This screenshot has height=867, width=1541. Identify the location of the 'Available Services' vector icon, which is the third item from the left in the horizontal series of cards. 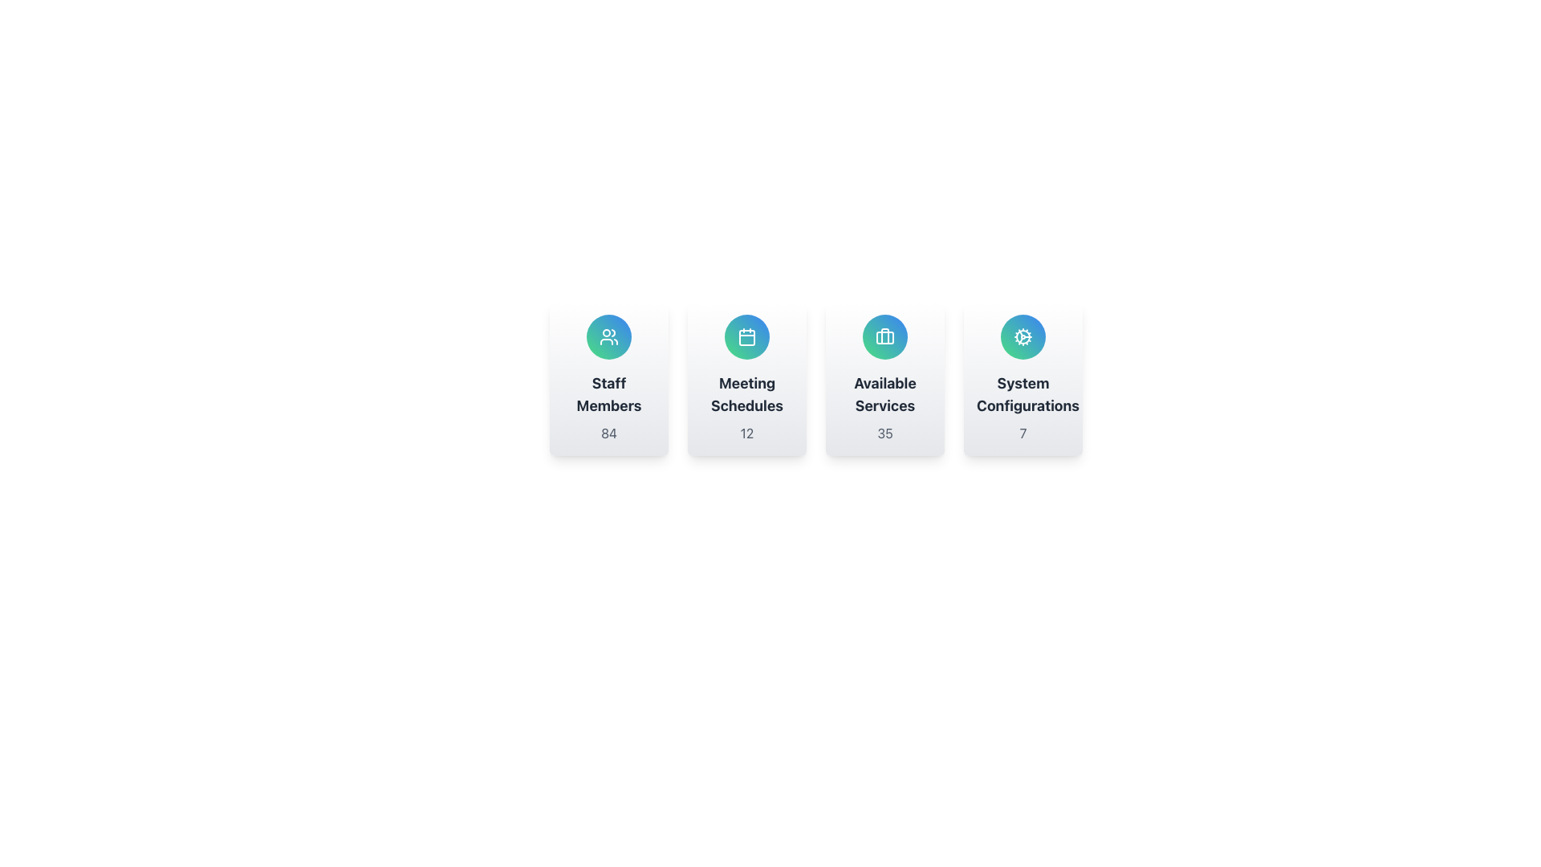
(884, 336).